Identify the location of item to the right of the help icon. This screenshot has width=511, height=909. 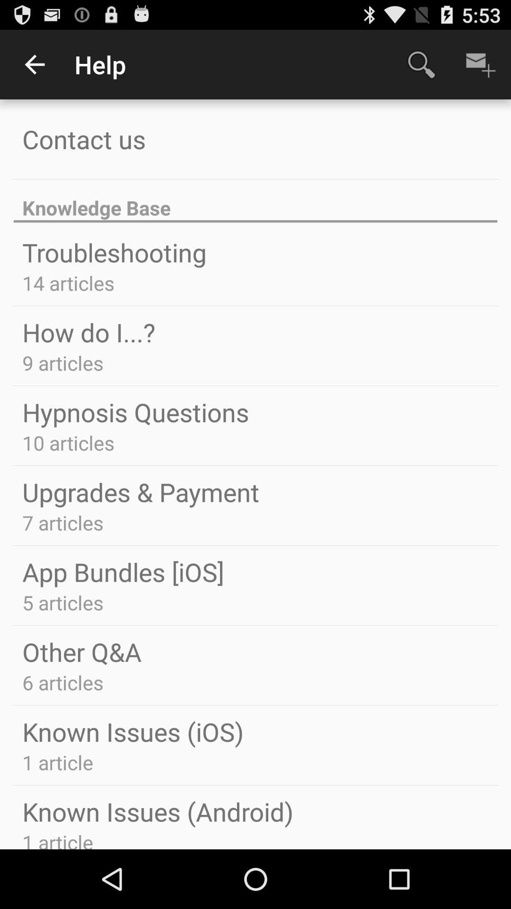
(421, 64).